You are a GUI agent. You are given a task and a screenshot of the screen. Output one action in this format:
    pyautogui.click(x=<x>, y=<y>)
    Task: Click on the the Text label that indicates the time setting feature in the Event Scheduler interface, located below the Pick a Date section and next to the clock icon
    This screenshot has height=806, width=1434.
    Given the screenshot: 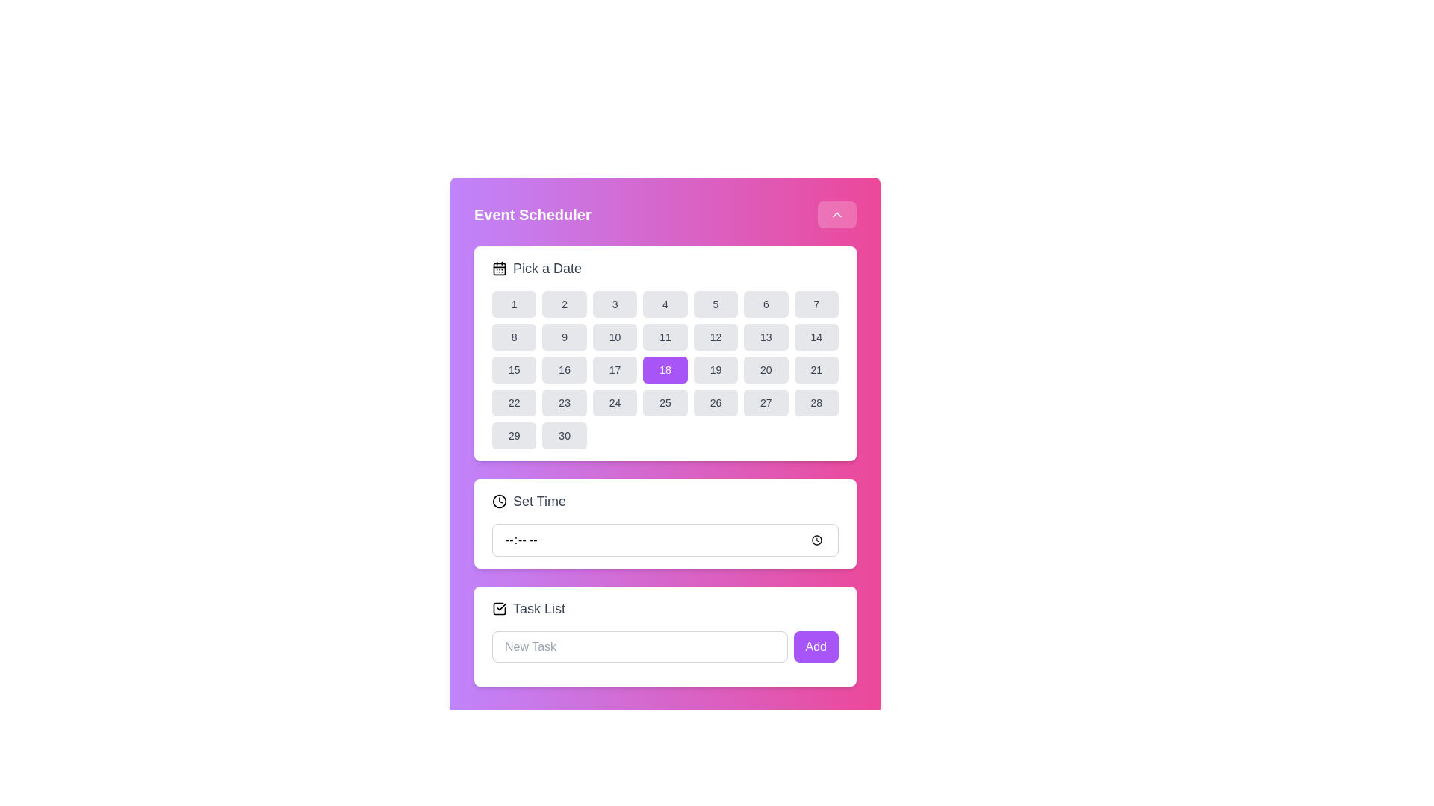 What is the action you would take?
    pyautogui.click(x=538, y=501)
    